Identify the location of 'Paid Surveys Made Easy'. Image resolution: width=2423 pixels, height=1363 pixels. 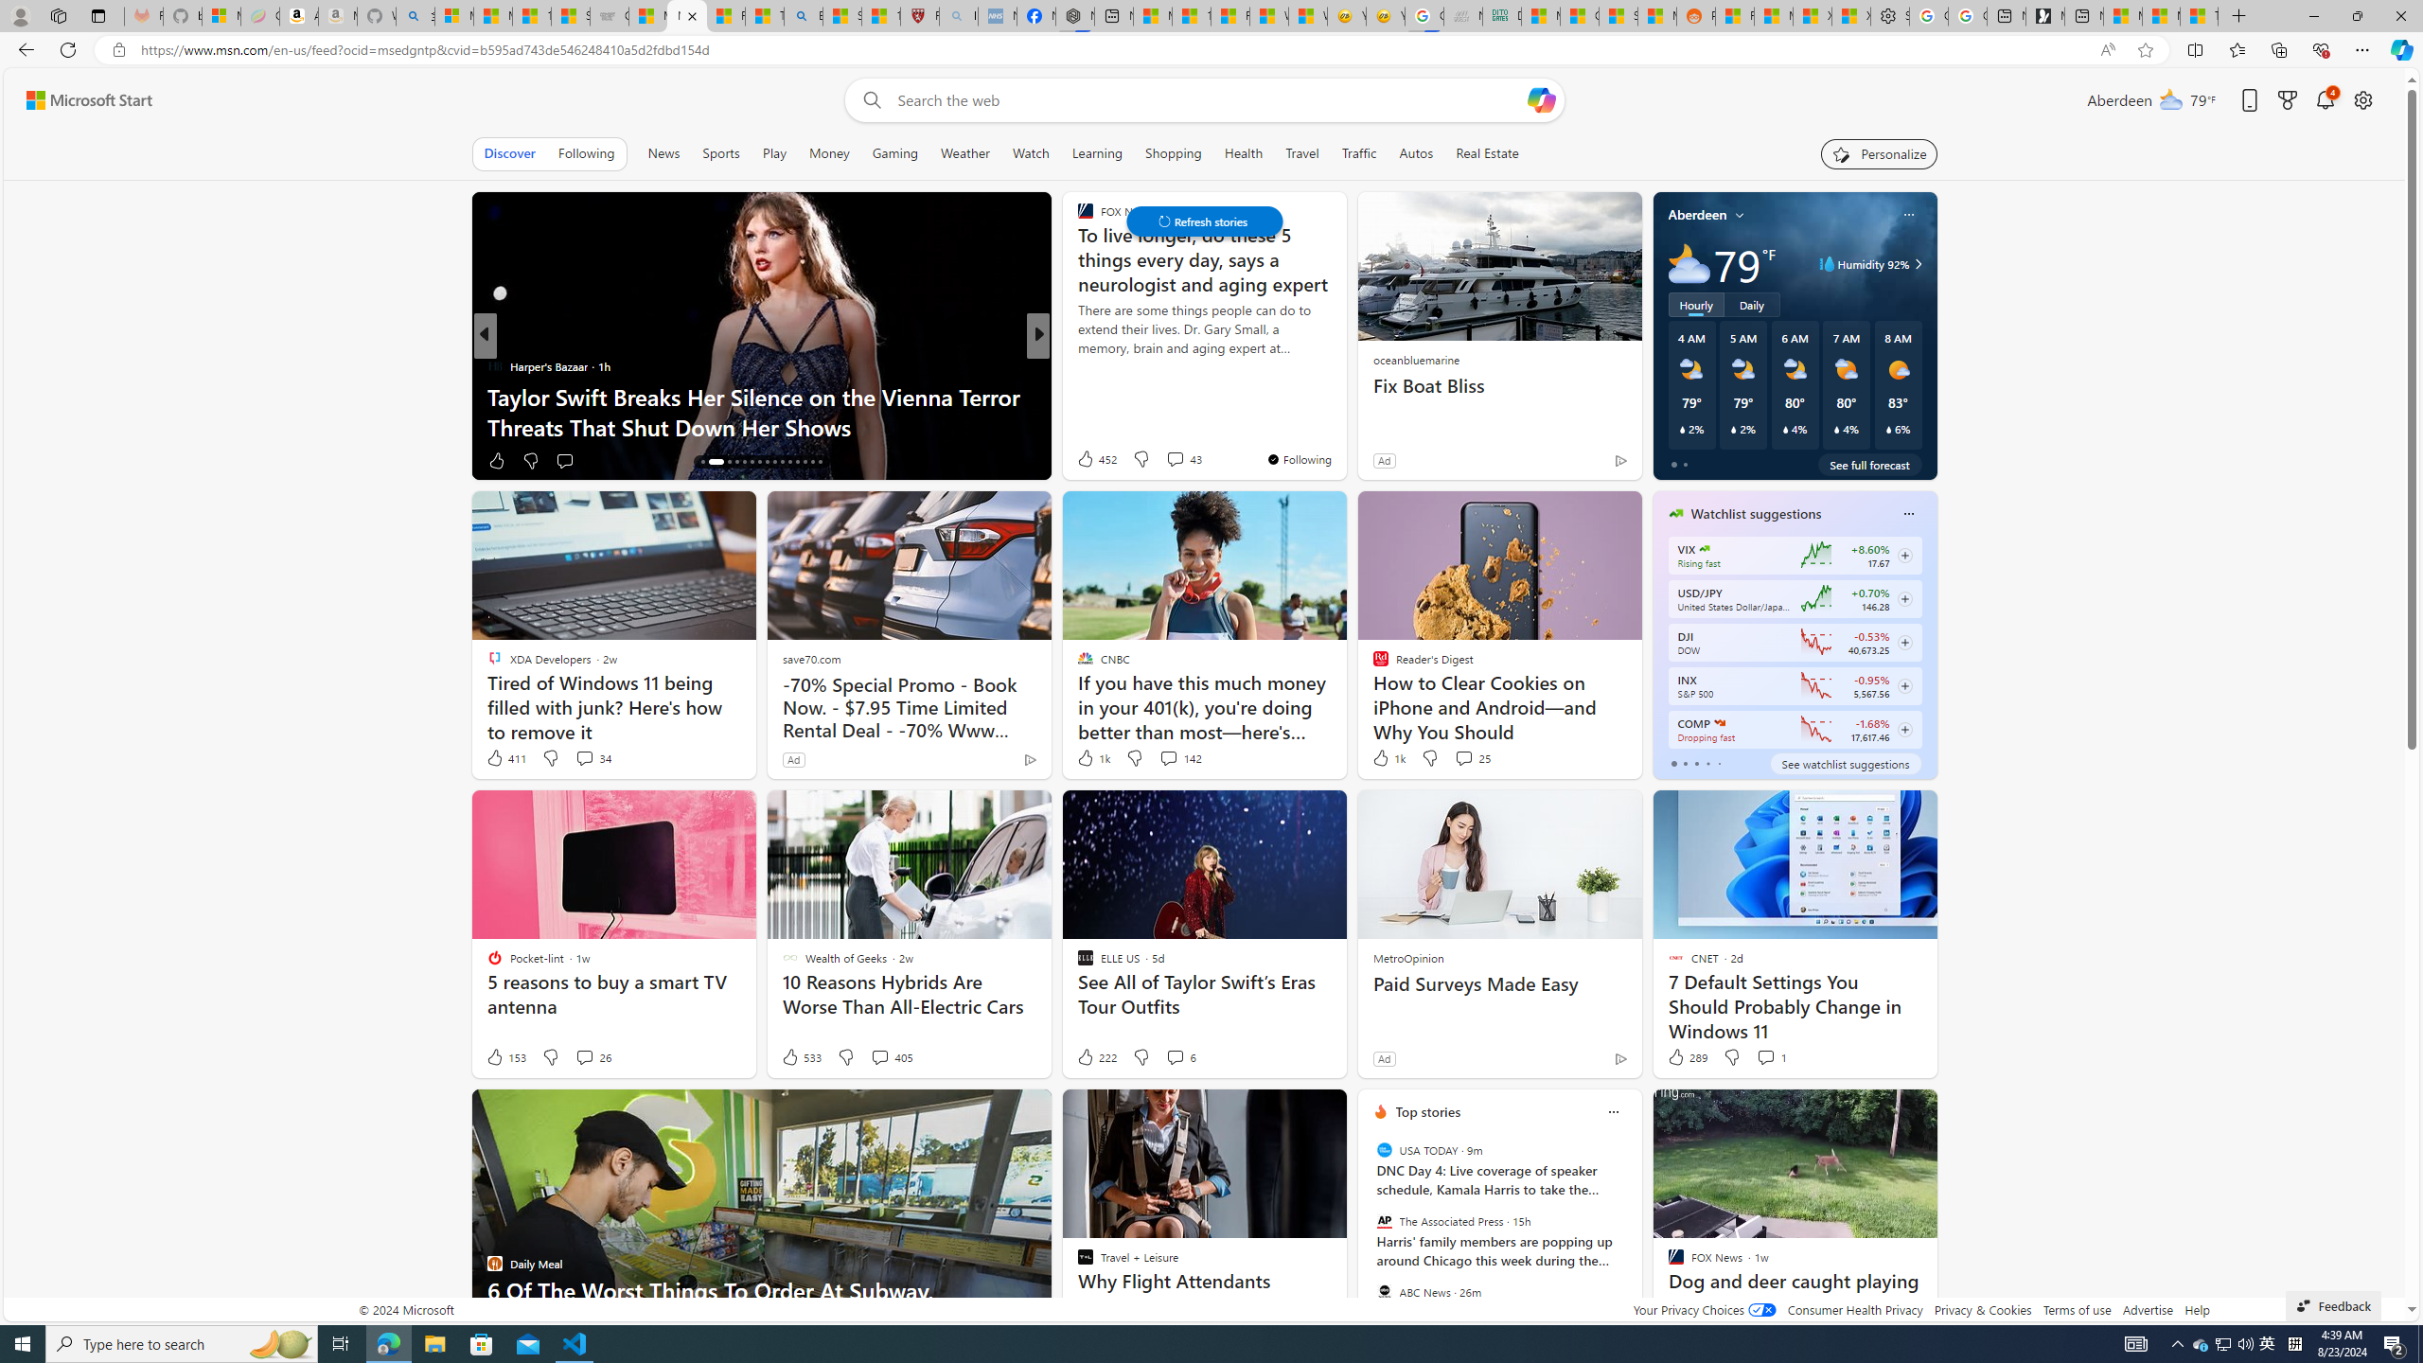
(1497, 983).